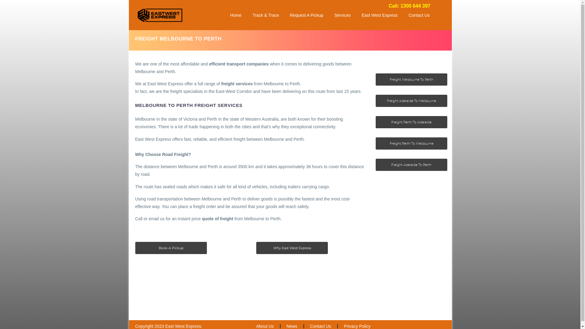  I want to click on 'Book A Pickup', so click(171, 248).